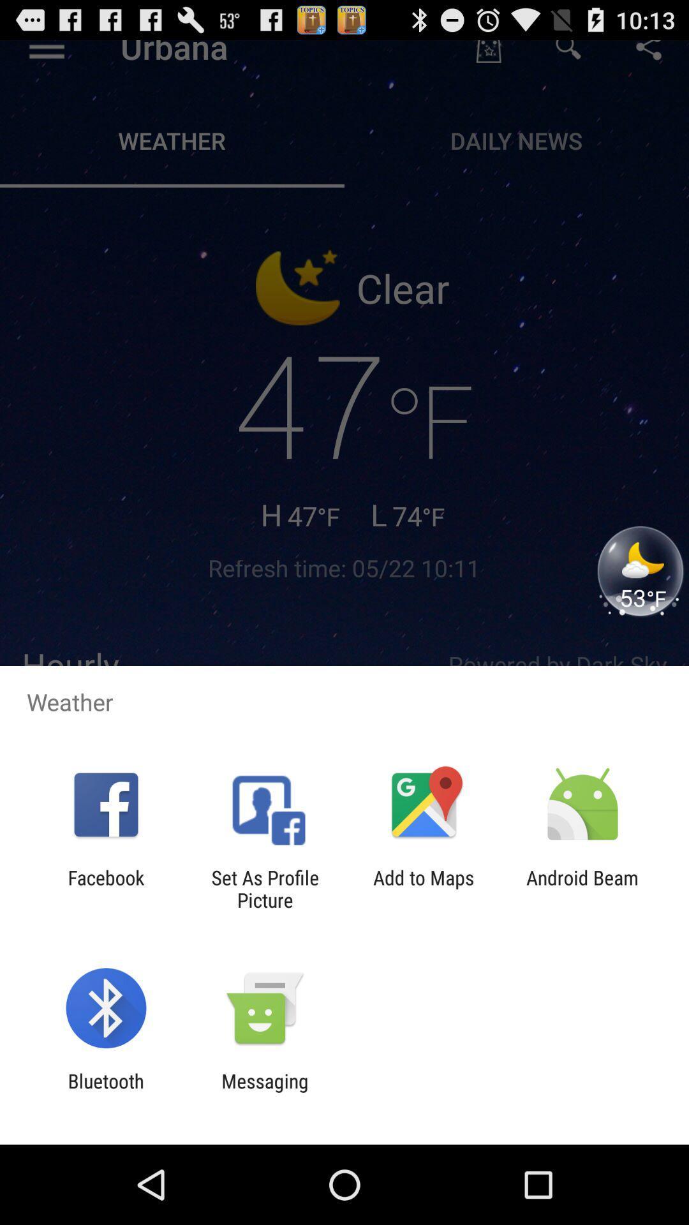  I want to click on the bluetooth item, so click(105, 1092).